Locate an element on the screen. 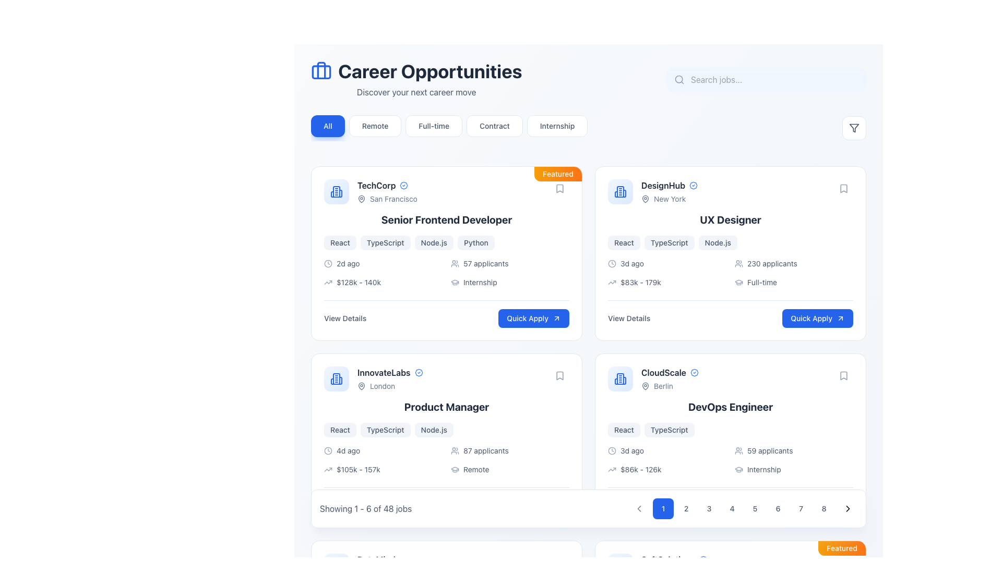 This screenshot has width=1002, height=563. the logo icon in the bottom-right section of the interface, associated with the 'CloudScale' job posting for the 'DevOps Engineer' position in Berlin is located at coordinates (621, 378).